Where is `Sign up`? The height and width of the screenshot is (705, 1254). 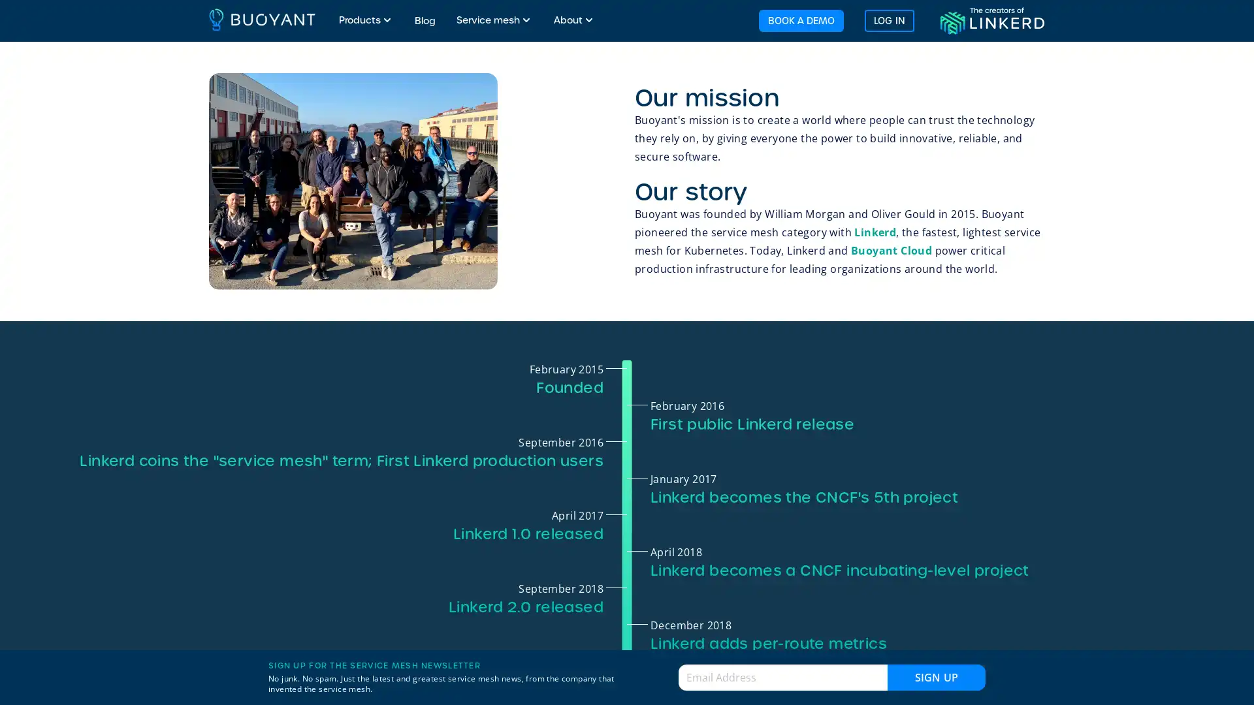 Sign up is located at coordinates (936, 676).